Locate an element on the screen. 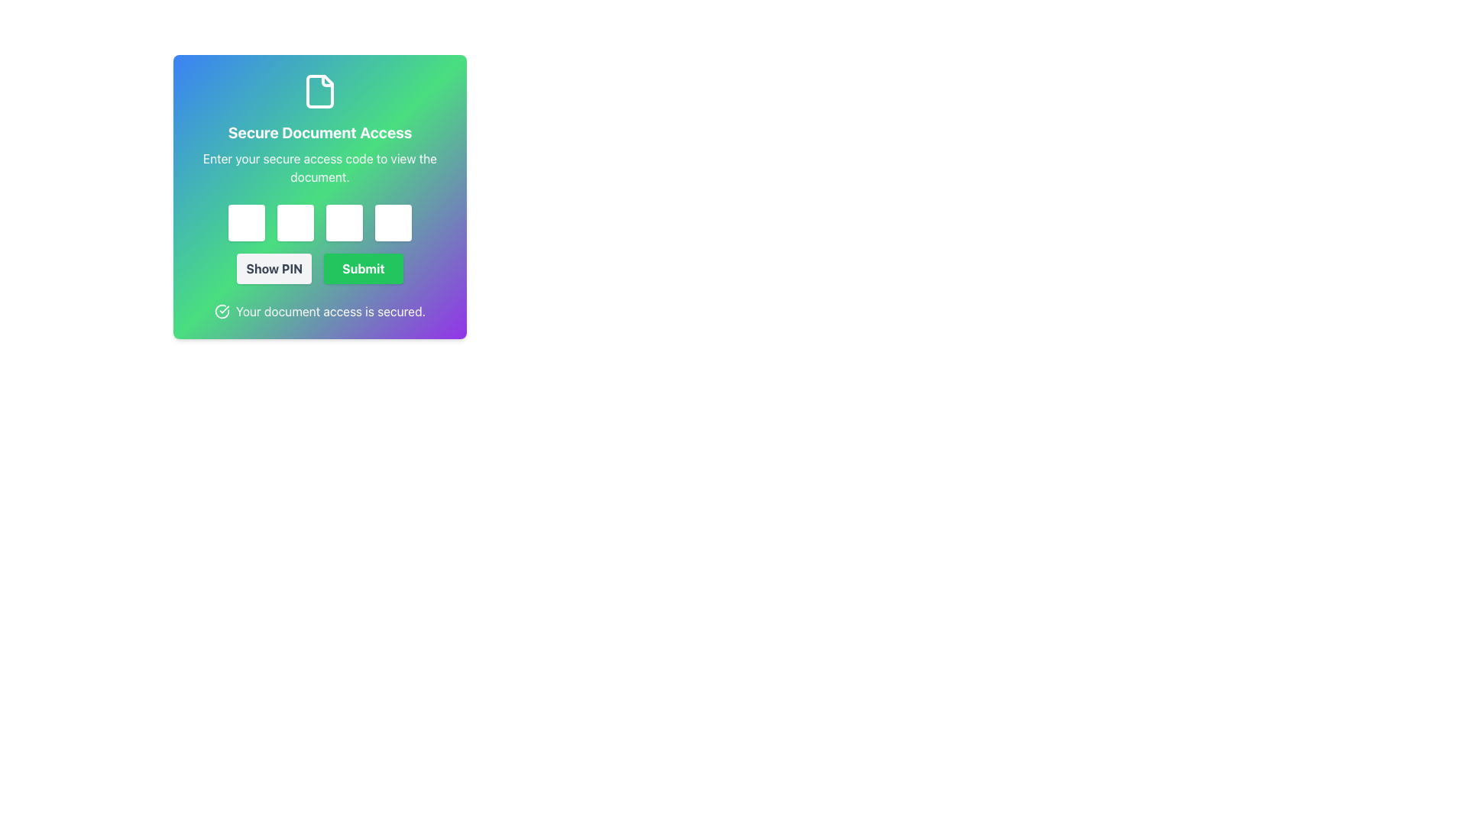 The width and height of the screenshot is (1467, 825). the checkmark icon within a circle, located to the left of the text 'Your document access is secured.' is located at coordinates (222, 311).